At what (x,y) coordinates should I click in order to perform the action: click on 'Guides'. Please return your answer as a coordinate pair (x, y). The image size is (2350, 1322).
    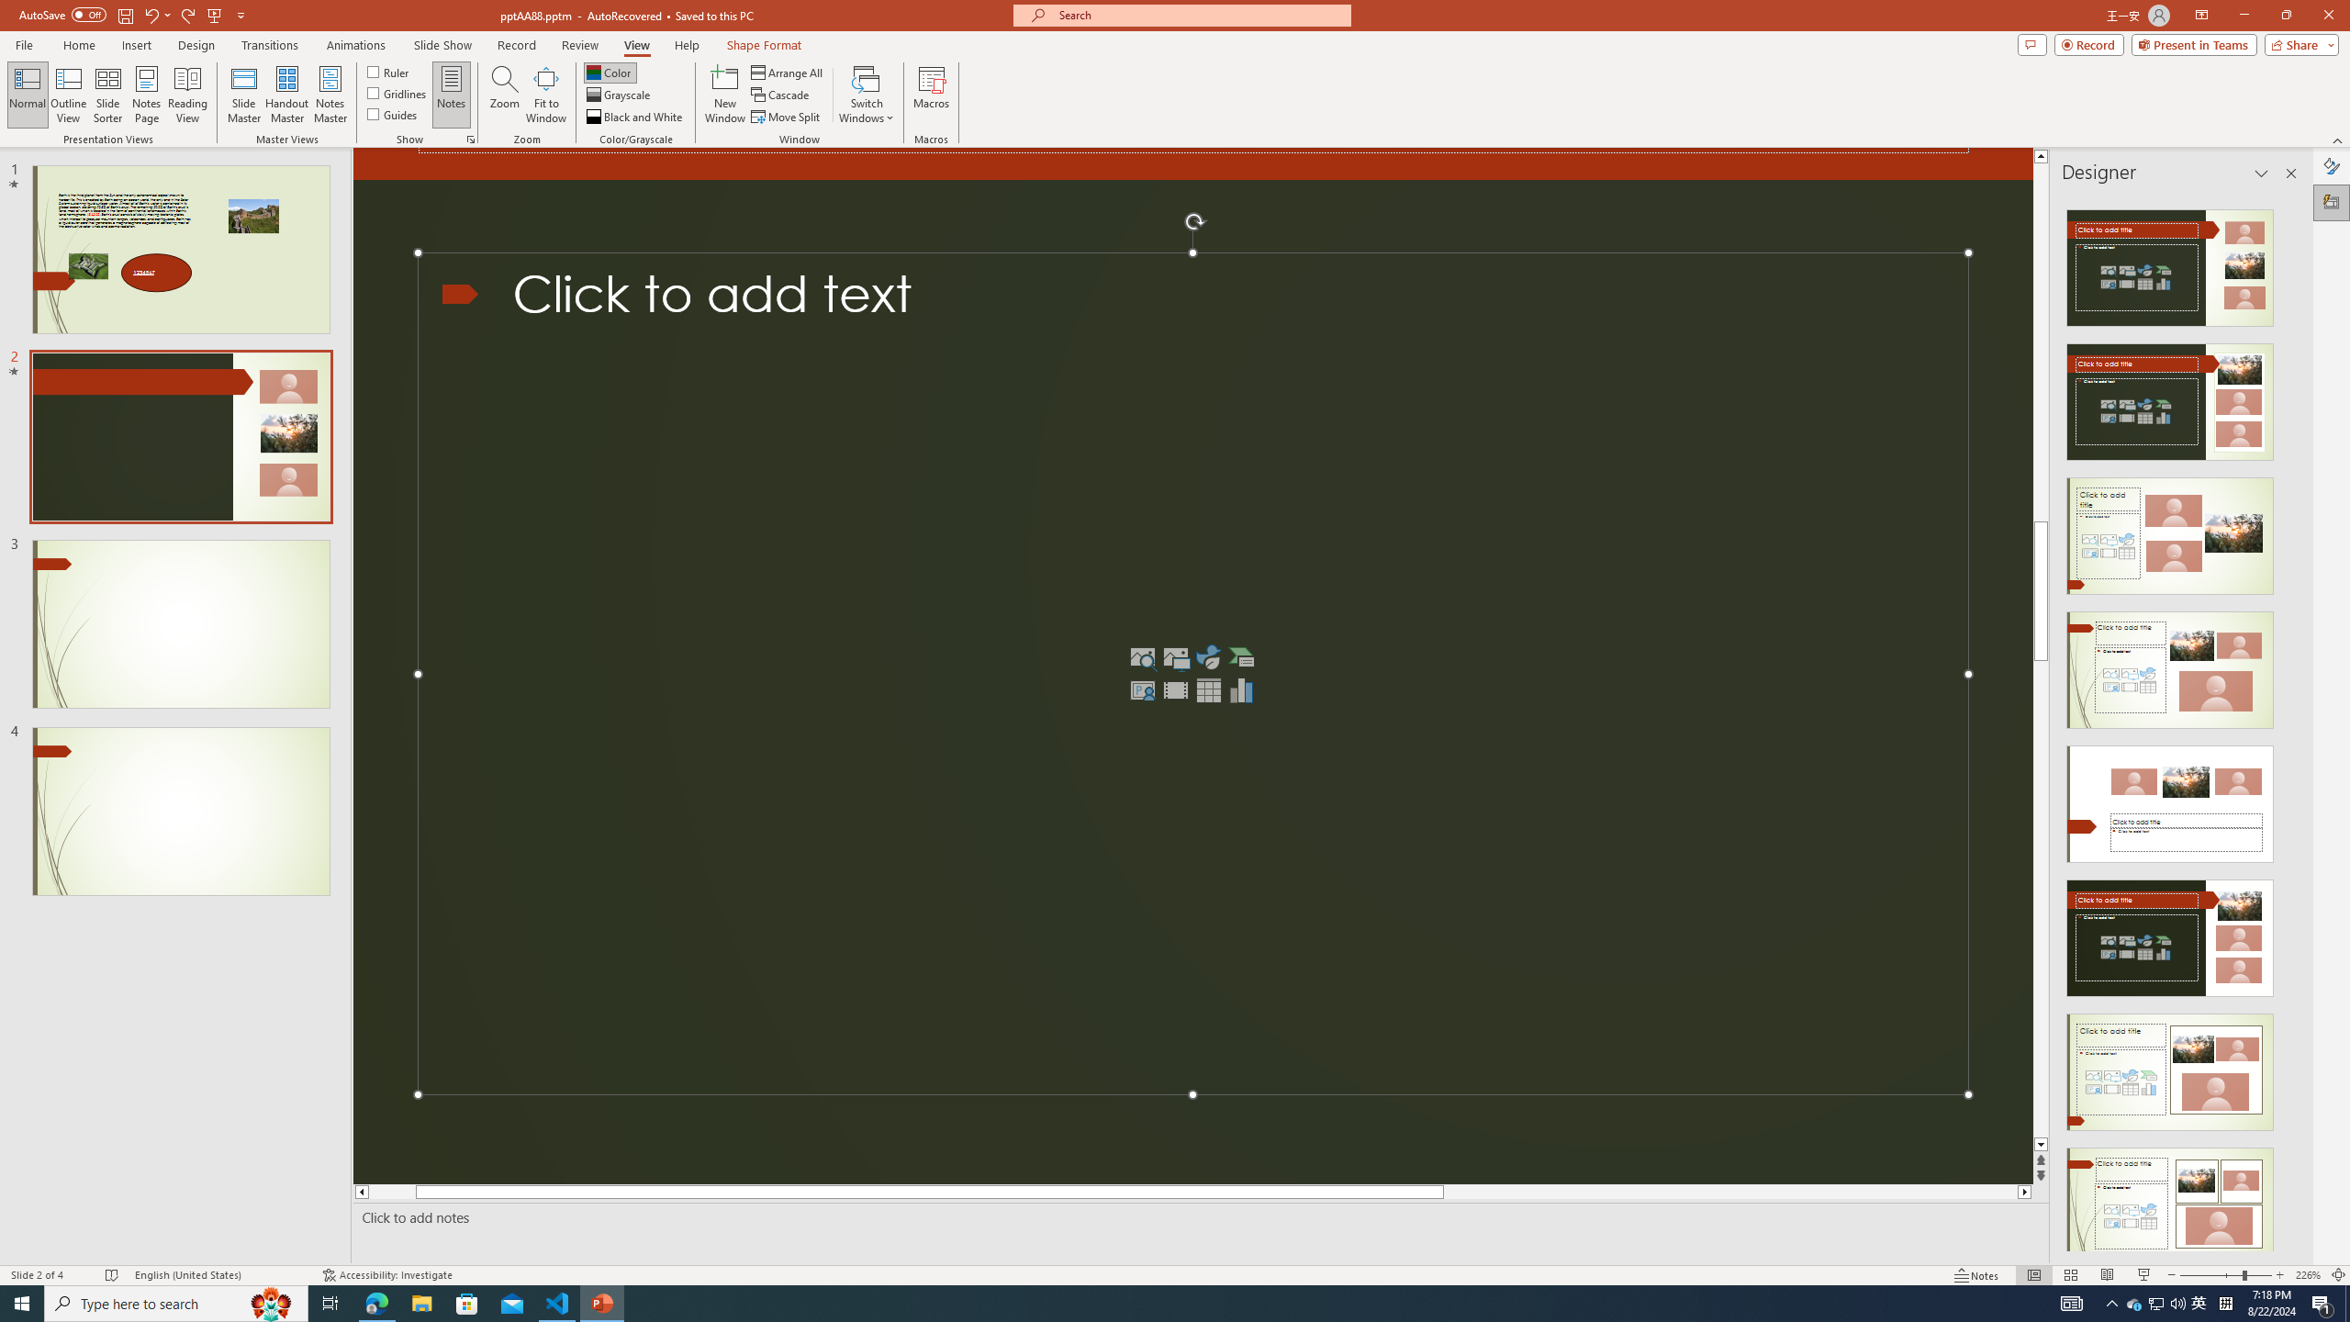
    Looking at the image, I should click on (393, 112).